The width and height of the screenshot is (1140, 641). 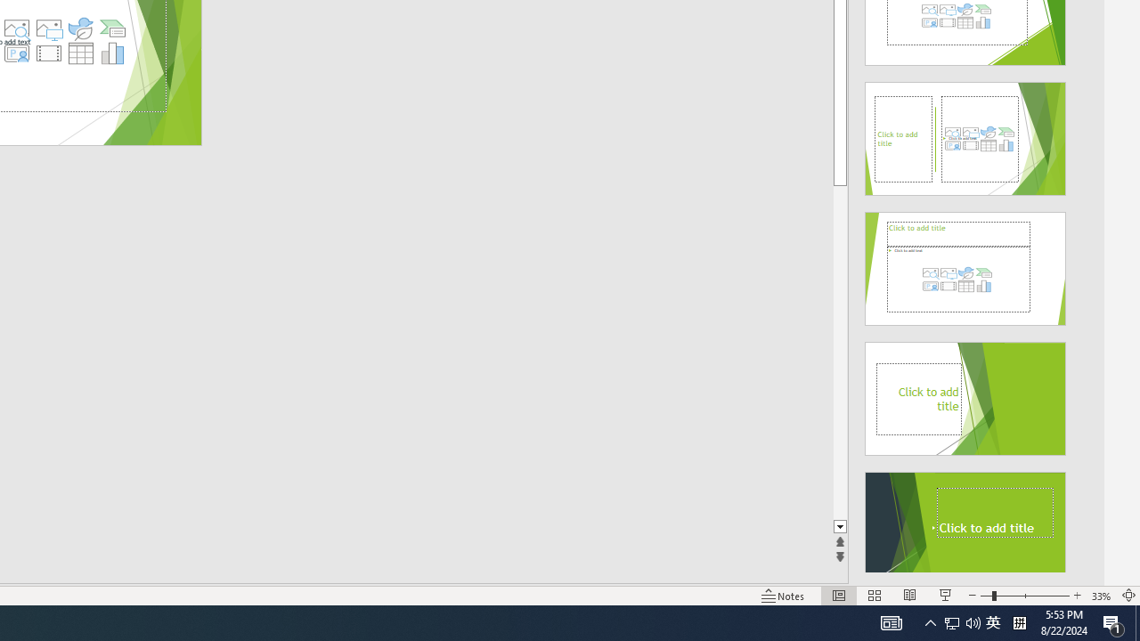 I want to click on 'Zoom 33%', so click(x=1101, y=596).